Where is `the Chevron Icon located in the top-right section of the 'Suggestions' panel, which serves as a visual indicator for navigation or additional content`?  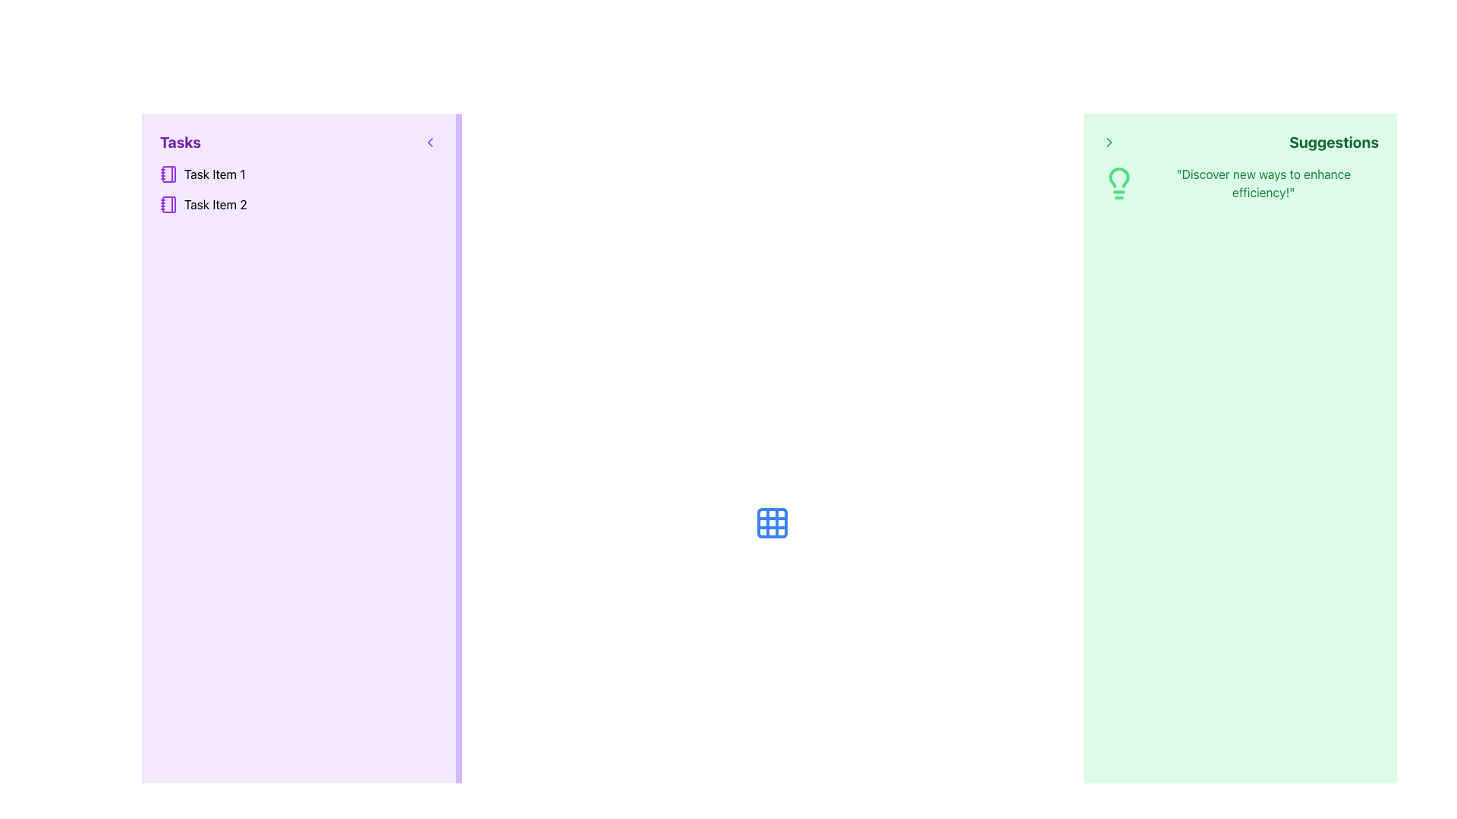 the Chevron Icon located in the top-right section of the 'Suggestions' panel, which serves as a visual indicator for navigation or additional content is located at coordinates (1109, 143).